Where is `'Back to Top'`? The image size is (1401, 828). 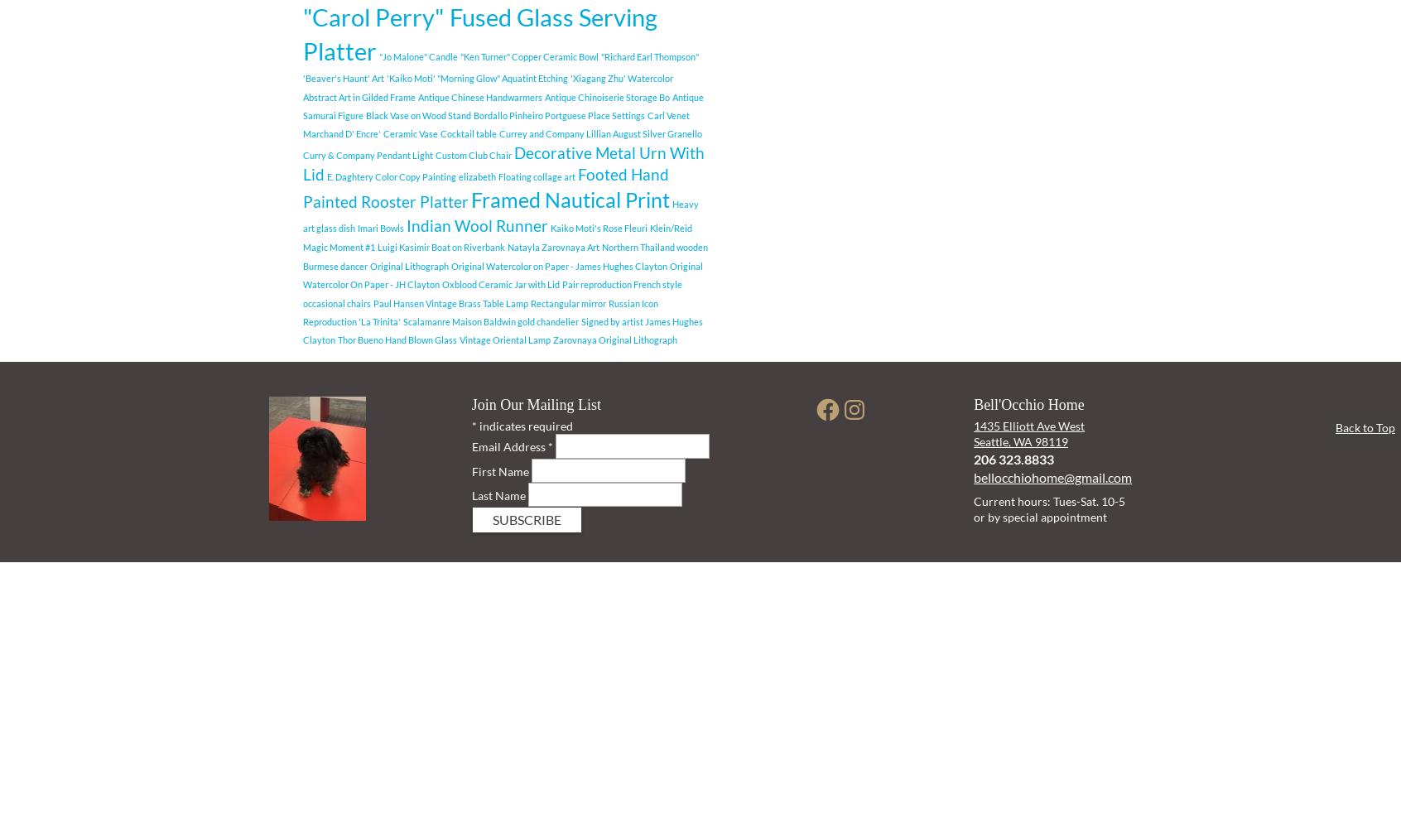
'Back to Top' is located at coordinates (1365, 427).